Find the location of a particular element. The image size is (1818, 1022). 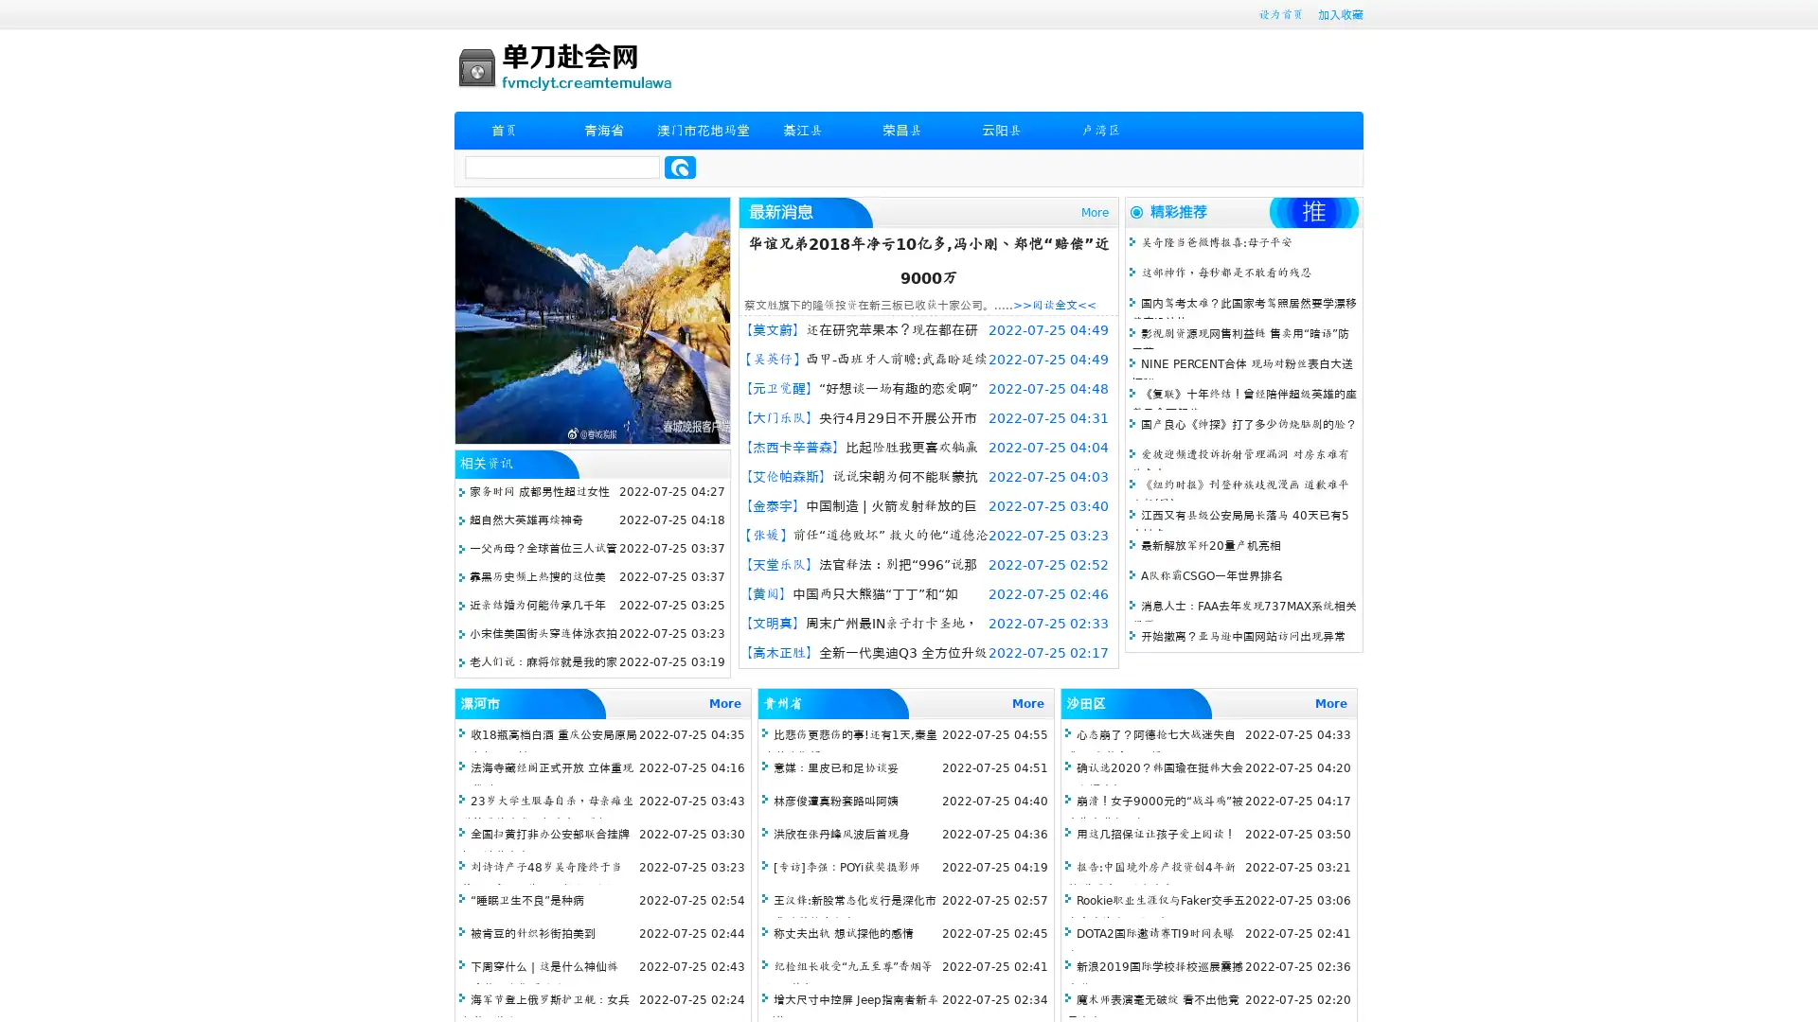

Search is located at coordinates (680, 167).